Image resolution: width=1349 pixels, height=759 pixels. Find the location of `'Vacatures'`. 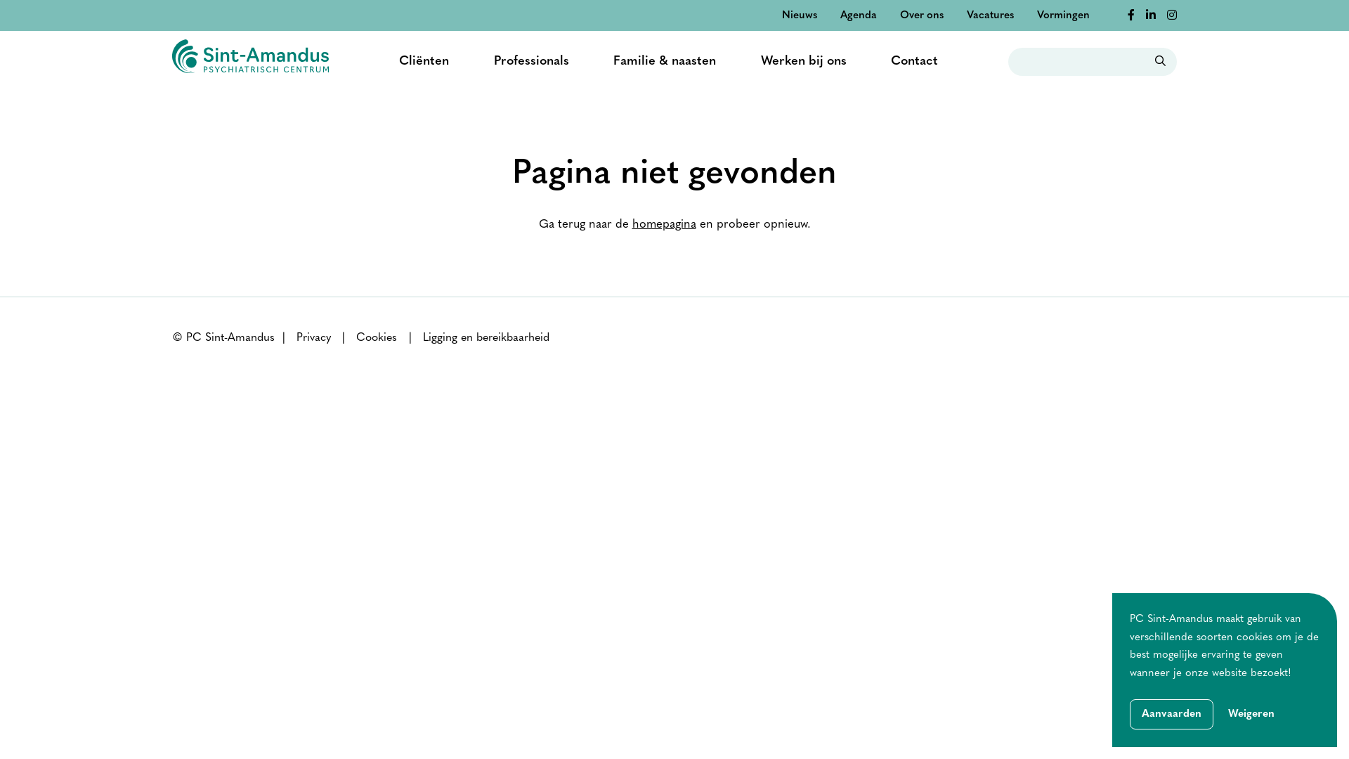

'Vacatures' is located at coordinates (966, 15).